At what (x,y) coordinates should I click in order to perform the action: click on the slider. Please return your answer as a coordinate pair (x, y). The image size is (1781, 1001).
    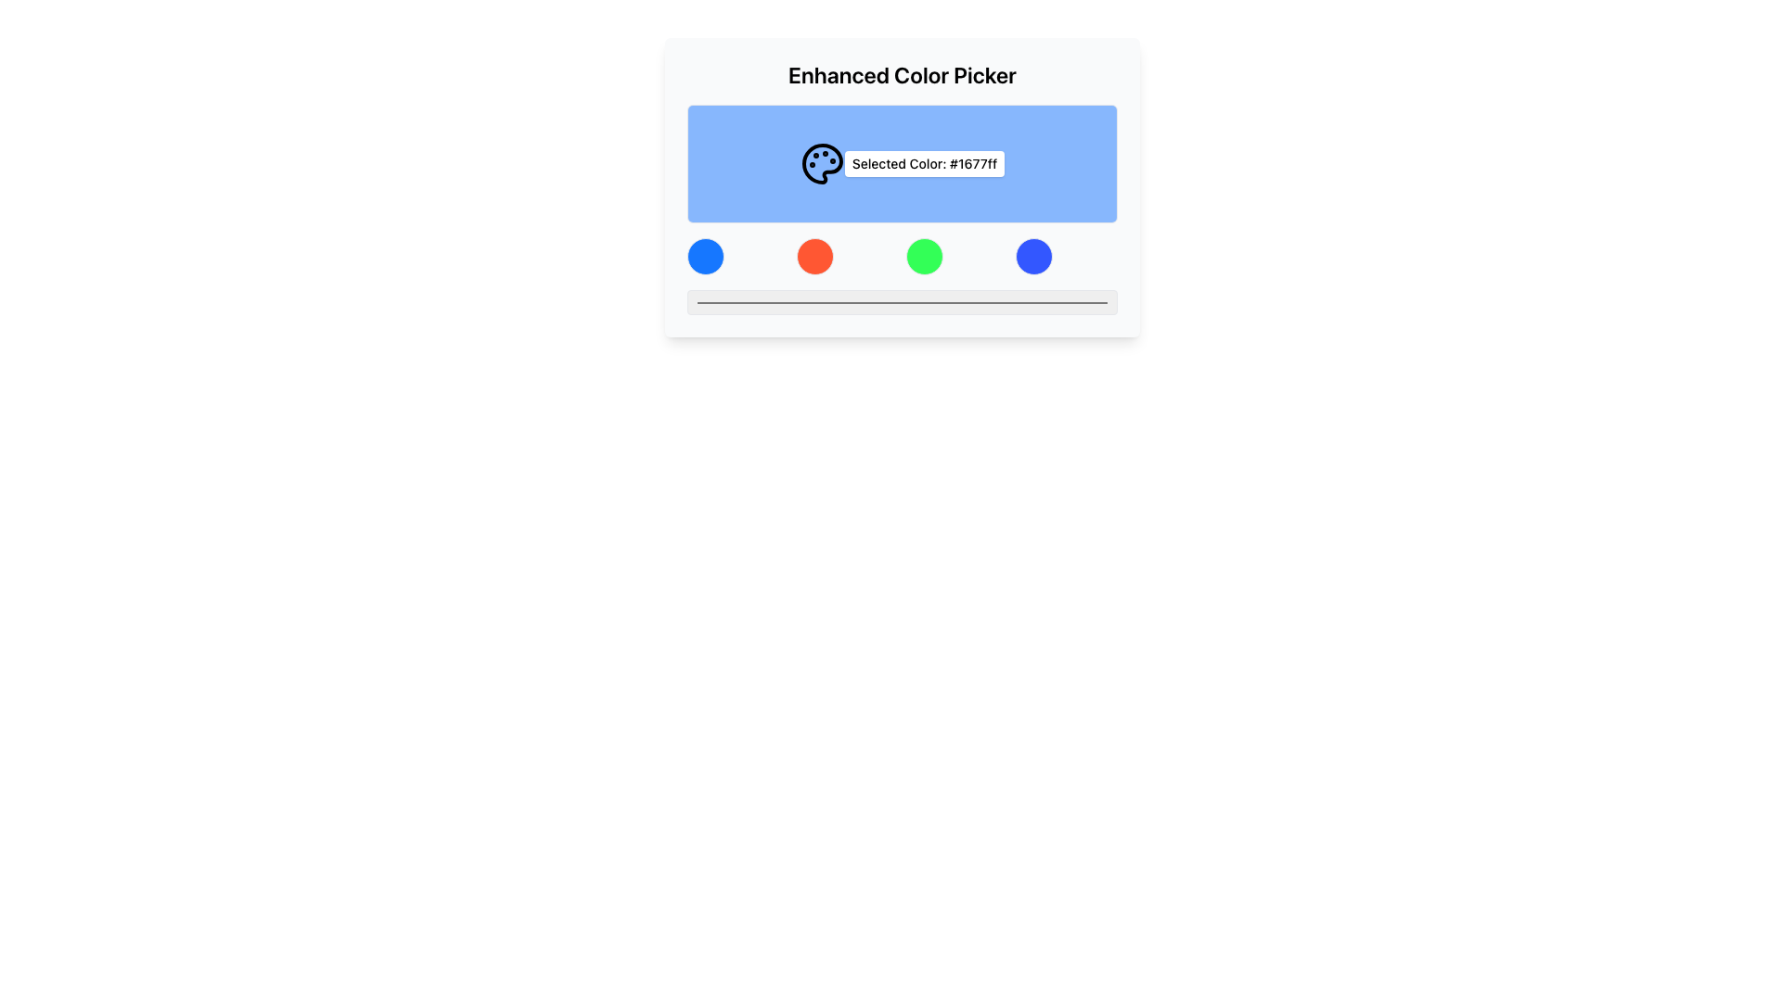
    Looking at the image, I should click on (799, 301).